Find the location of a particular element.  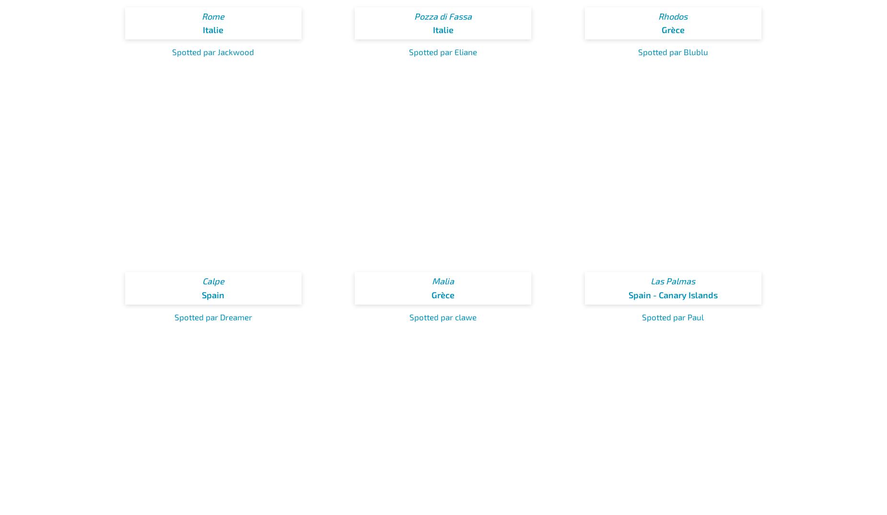

'Spotted par Paul' is located at coordinates (673, 316).